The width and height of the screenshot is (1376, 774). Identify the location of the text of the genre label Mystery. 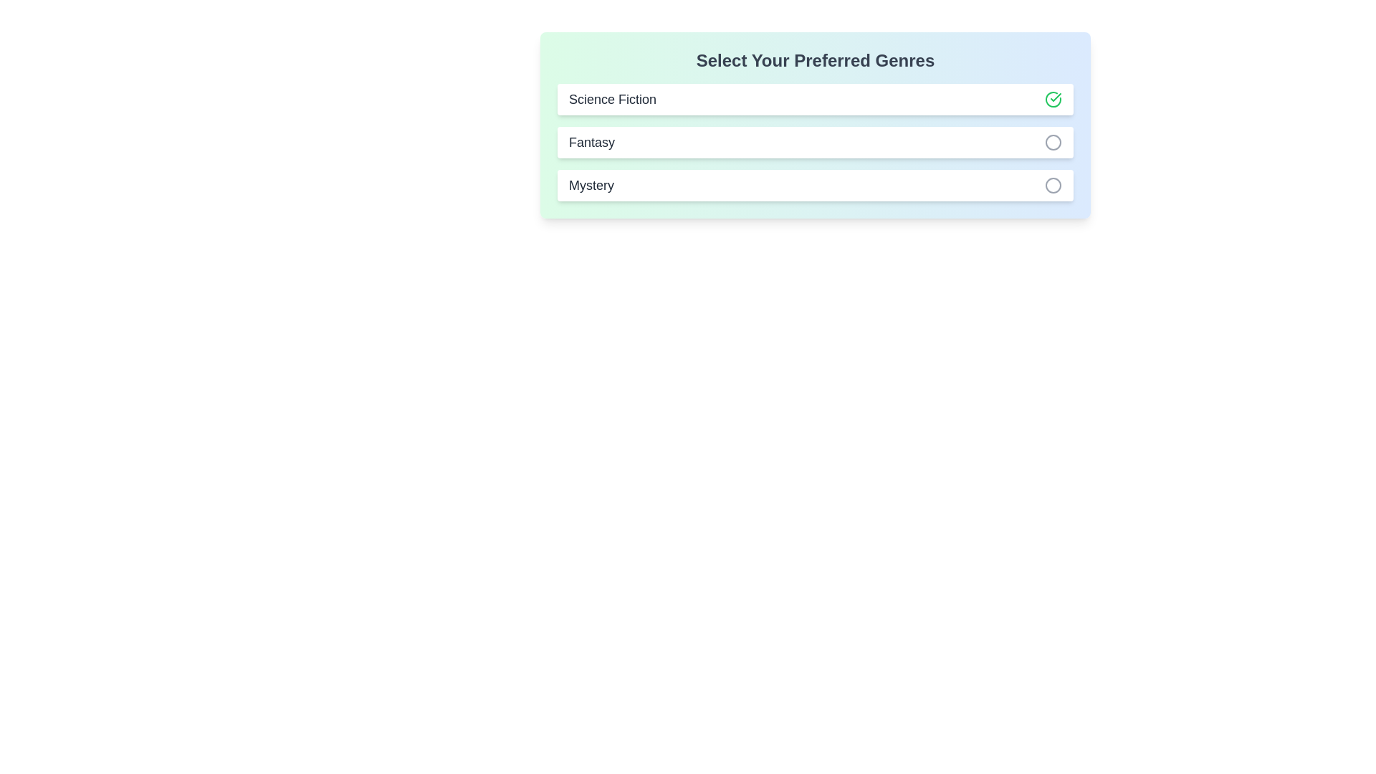
(591, 184).